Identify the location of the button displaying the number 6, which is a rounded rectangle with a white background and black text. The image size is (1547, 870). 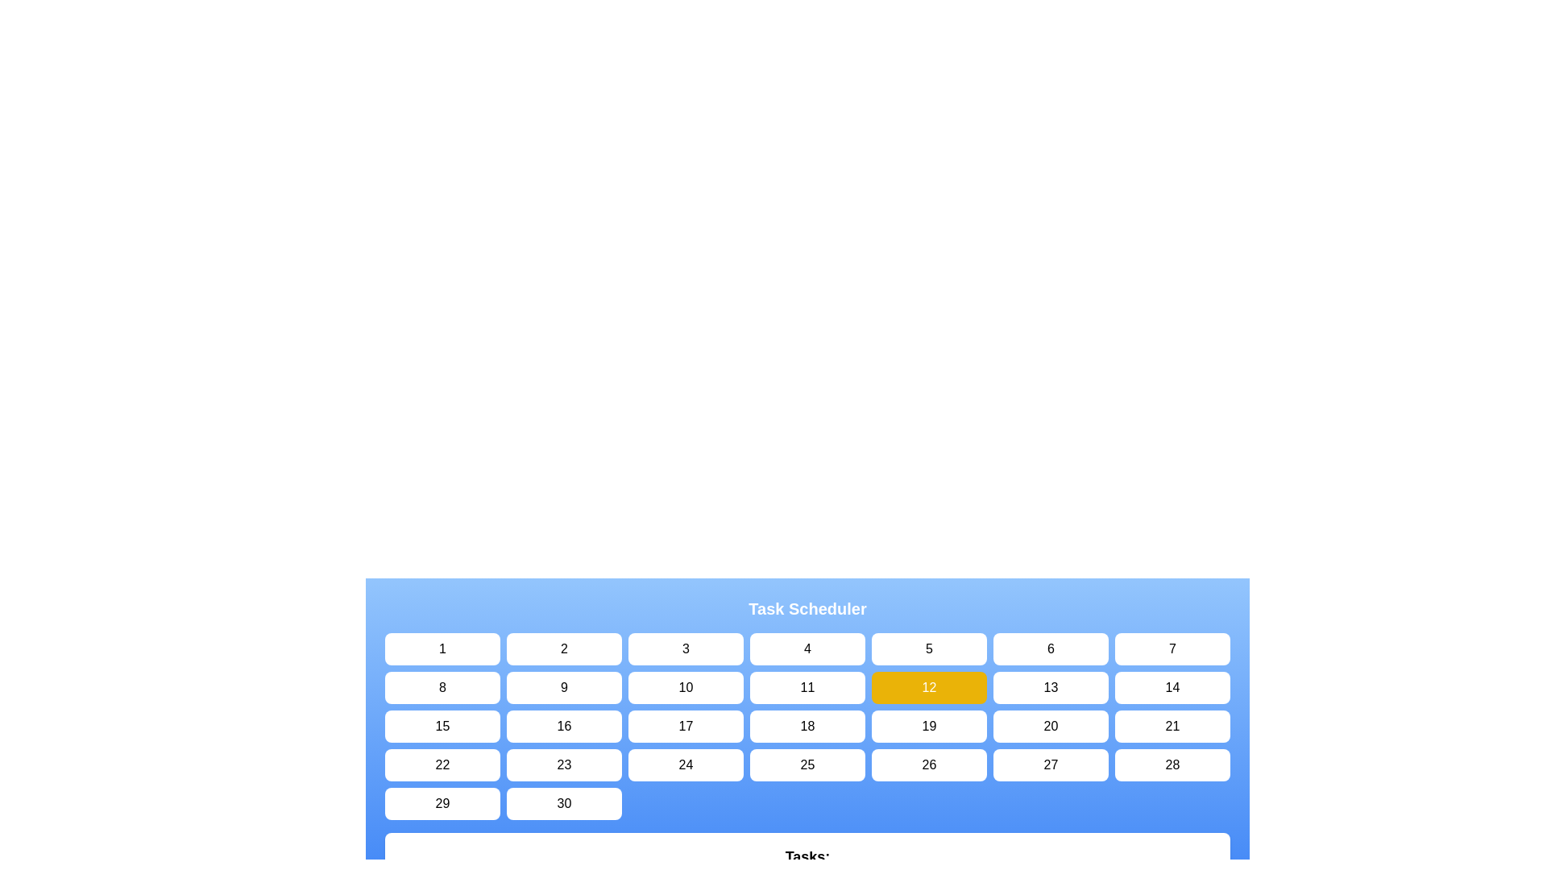
(1051, 648).